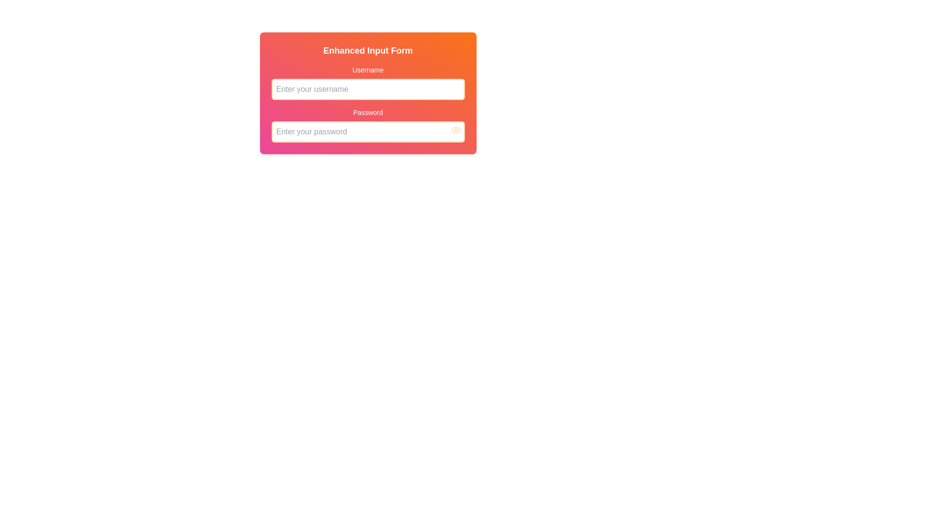 This screenshot has height=522, width=928. I want to click on the eye icon button, so click(455, 130).